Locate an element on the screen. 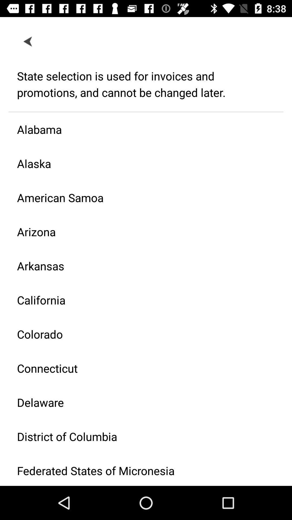 This screenshot has width=292, height=520. item below the arkansas icon is located at coordinates (141, 300).